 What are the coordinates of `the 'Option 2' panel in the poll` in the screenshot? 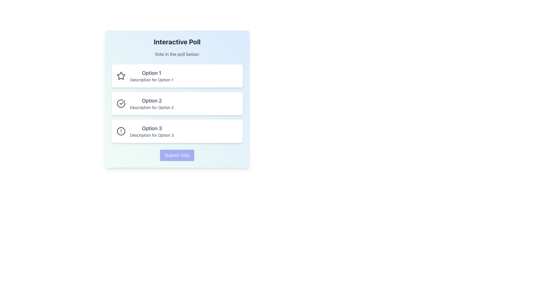 It's located at (177, 103).